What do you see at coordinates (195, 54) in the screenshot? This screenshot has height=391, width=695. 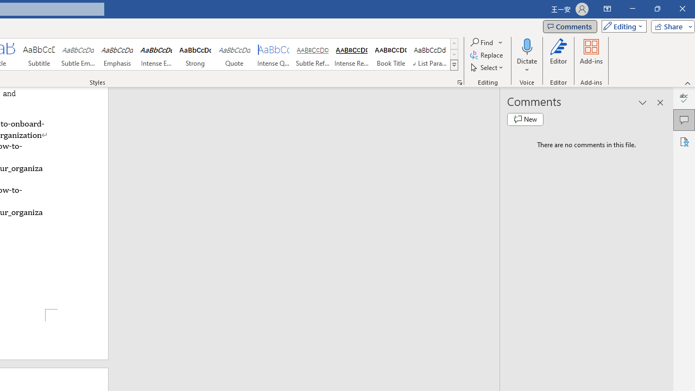 I see `'Strong'` at bounding box center [195, 54].